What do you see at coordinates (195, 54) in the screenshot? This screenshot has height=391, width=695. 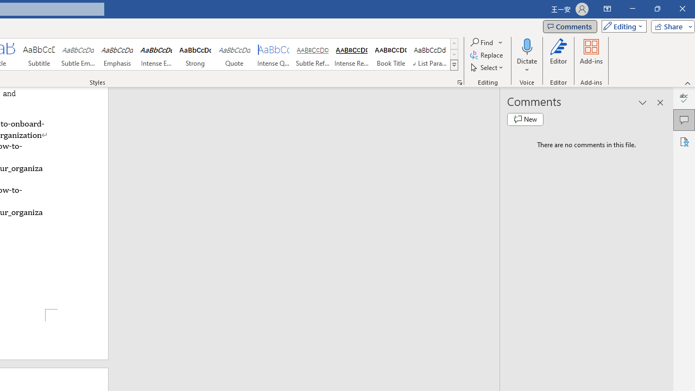 I see `'Strong'` at bounding box center [195, 54].